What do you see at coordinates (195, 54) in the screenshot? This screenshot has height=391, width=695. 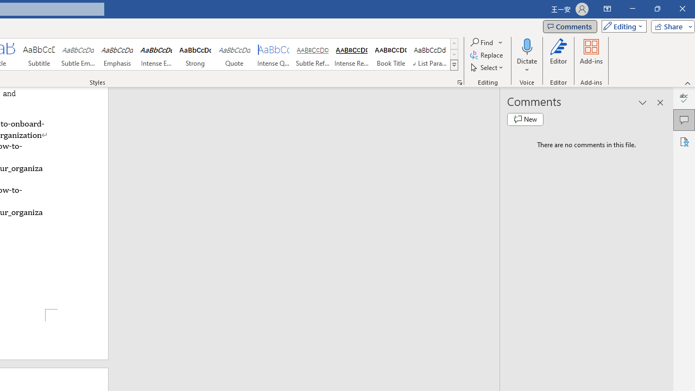 I see `'Strong'` at bounding box center [195, 54].